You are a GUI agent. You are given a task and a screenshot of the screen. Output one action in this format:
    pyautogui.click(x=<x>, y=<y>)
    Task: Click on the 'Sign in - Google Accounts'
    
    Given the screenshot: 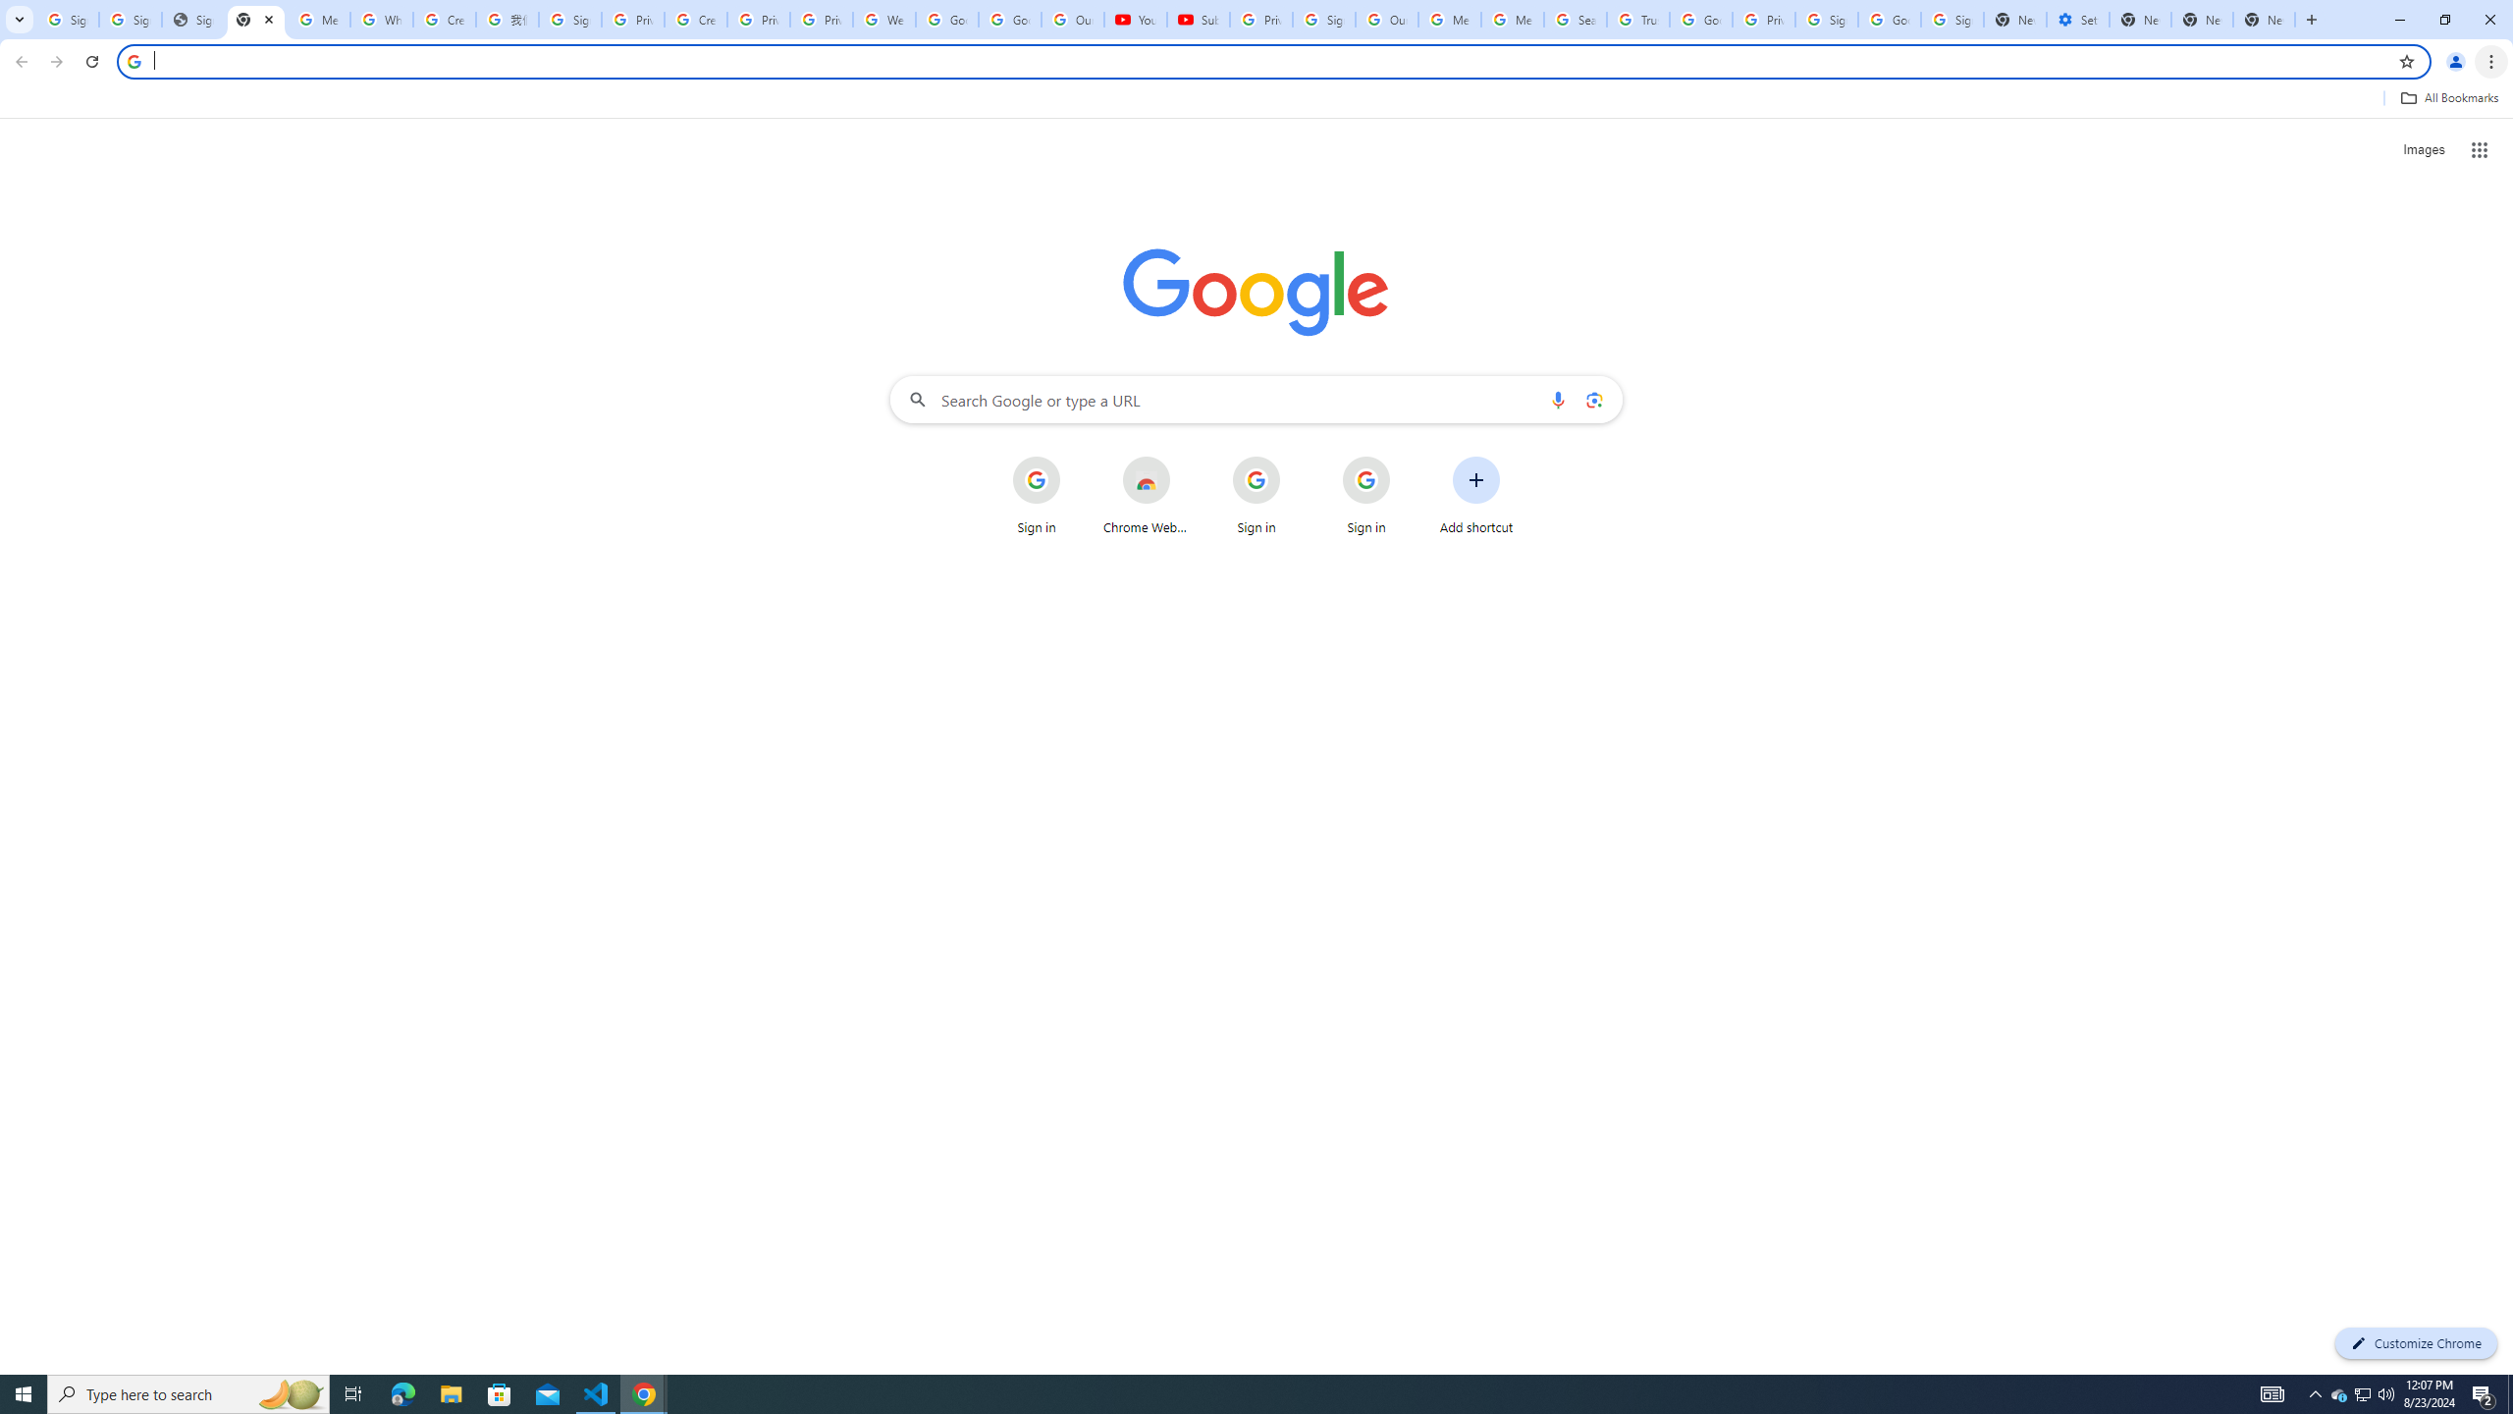 What is the action you would take?
    pyautogui.click(x=68, y=19)
    